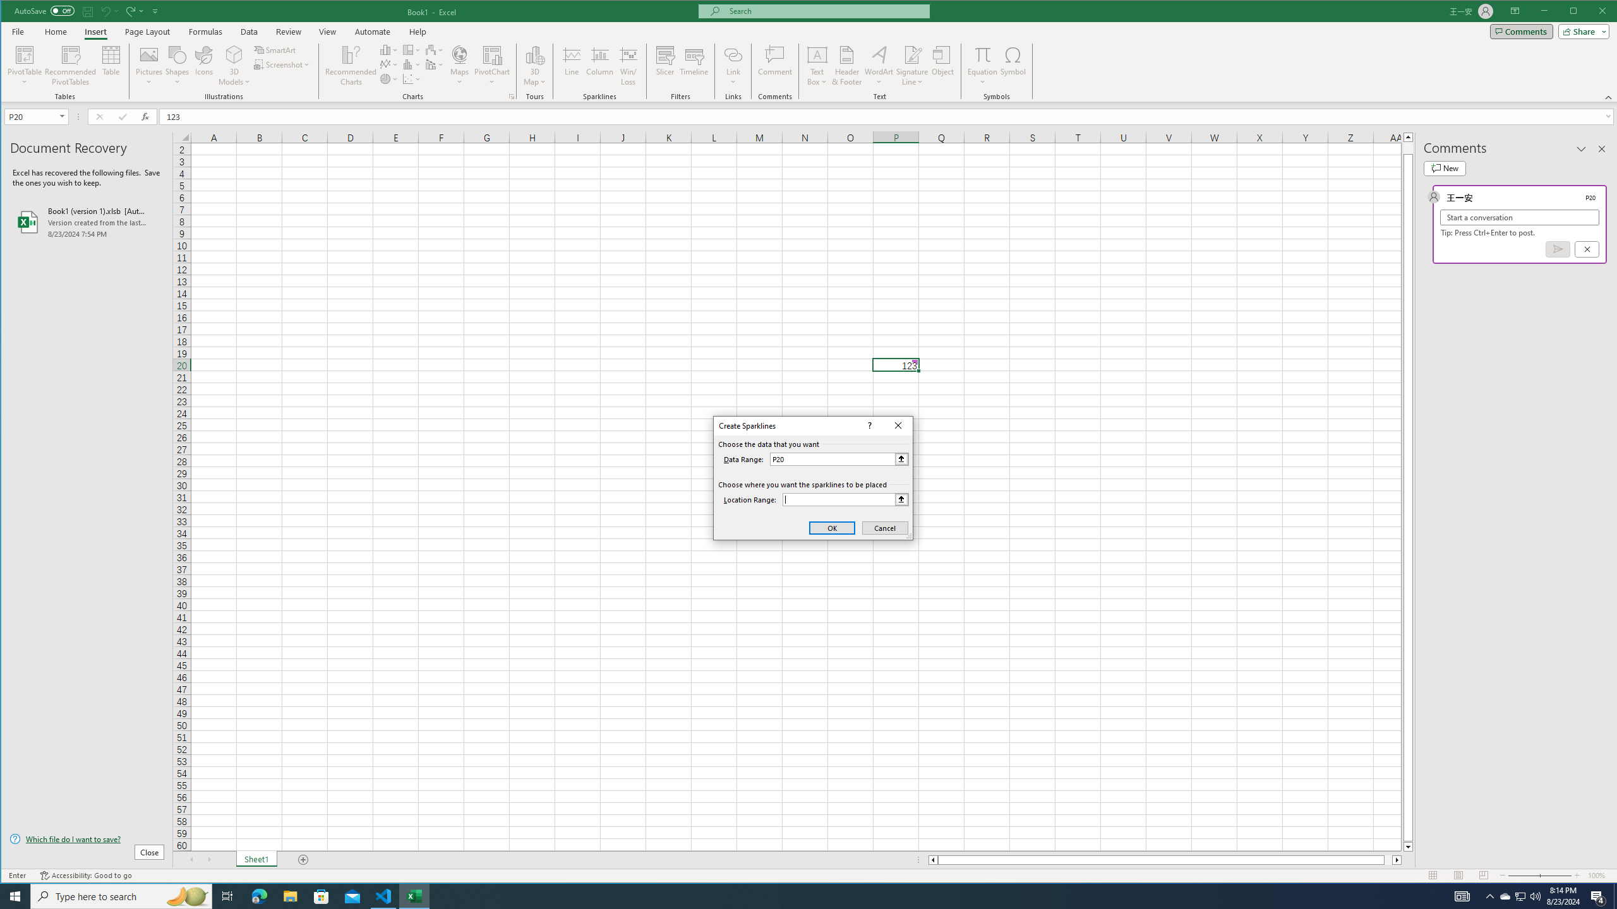 The image size is (1617, 909). I want to click on 'PivotChart', so click(491, 65).